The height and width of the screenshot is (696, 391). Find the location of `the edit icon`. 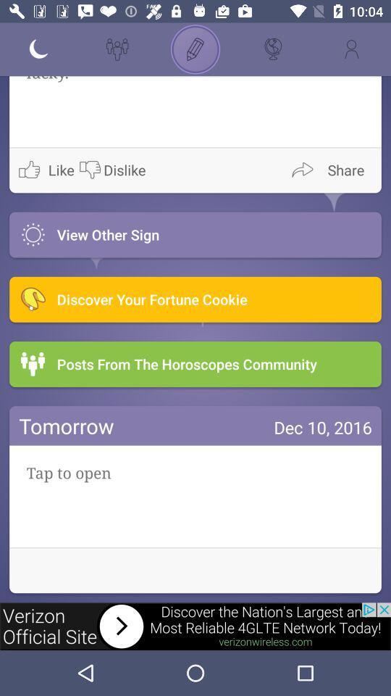

the edit icon is located at coordinates (195, 49).